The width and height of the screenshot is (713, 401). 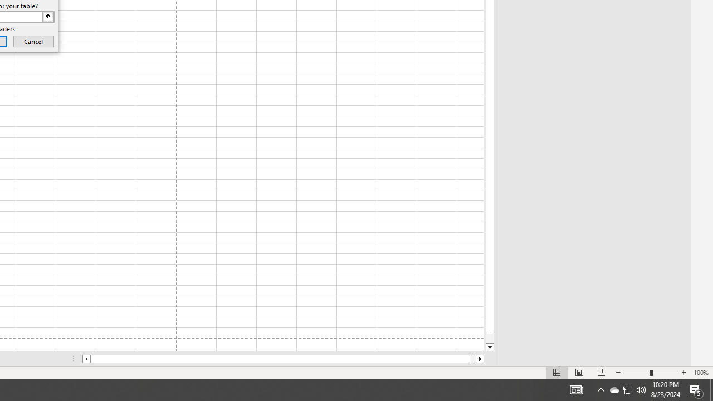 I want to click on 'Page Break Preview', so click(x=600, y=373).